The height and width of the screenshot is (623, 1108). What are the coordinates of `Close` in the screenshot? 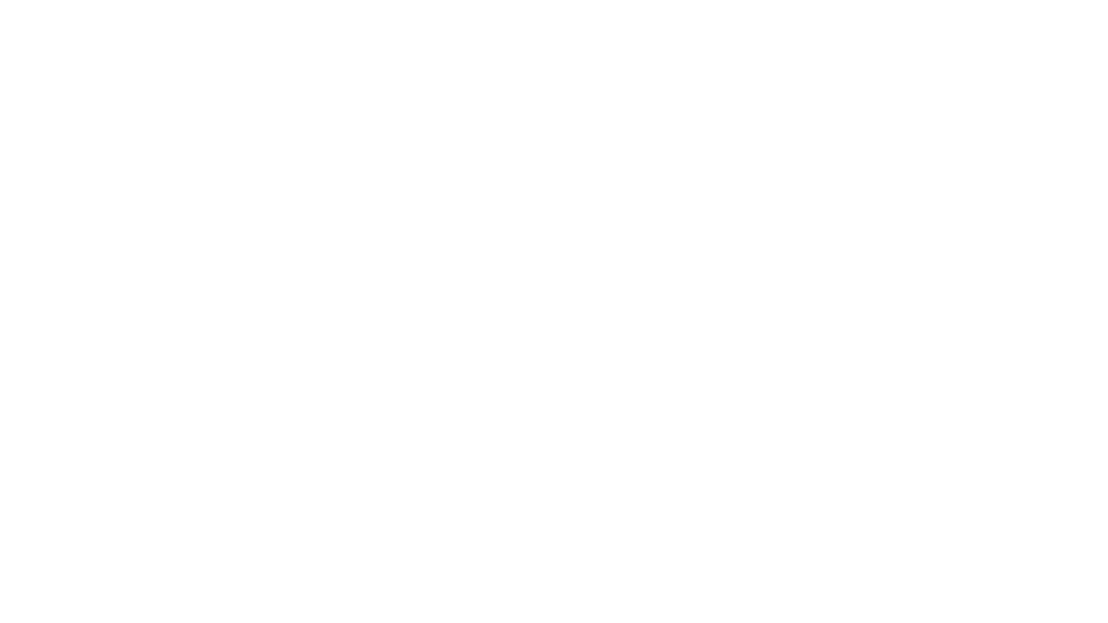 It's located at (1094, 604).